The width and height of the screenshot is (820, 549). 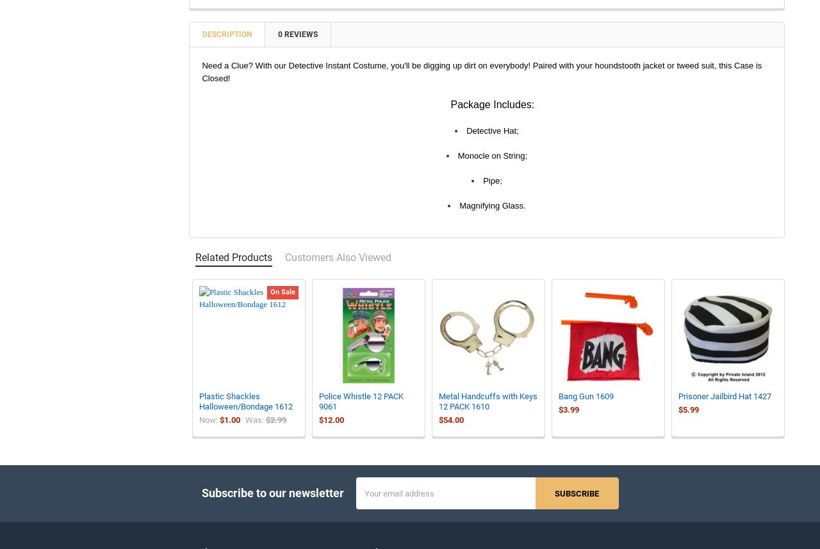 I want to click on 'Pipe;', so click(x=482, y=189).